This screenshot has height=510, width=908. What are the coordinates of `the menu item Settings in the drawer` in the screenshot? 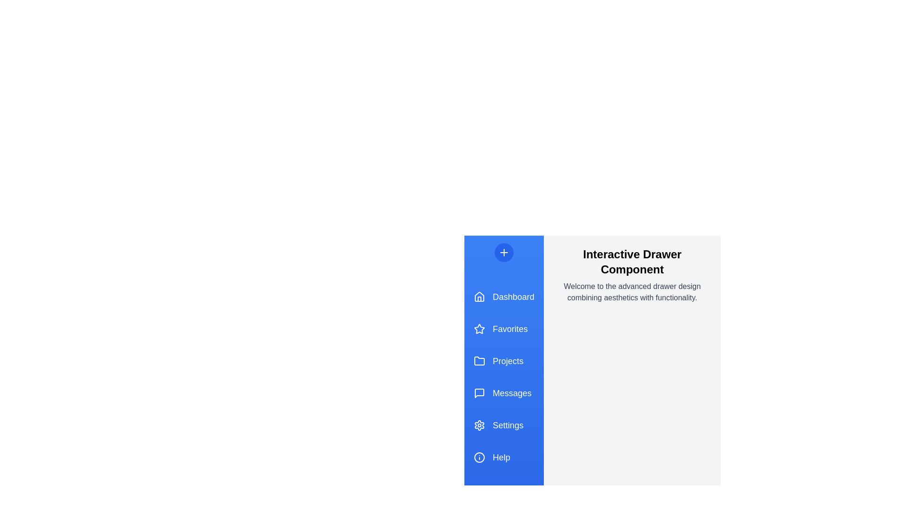 It's located at (503, 425).